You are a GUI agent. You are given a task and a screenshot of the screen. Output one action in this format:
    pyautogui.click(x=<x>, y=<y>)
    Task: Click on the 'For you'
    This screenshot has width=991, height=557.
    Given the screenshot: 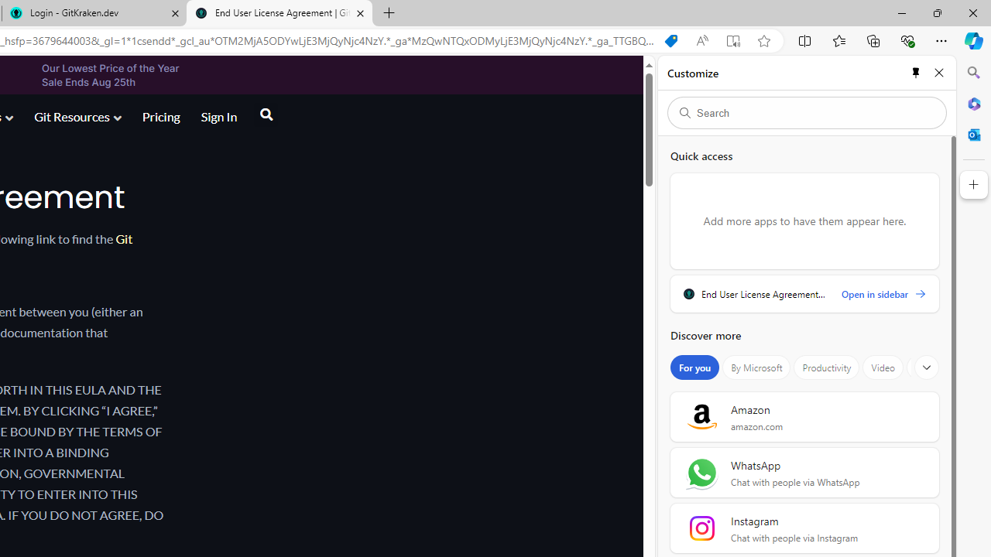 What is the action you would take?
    pyautogui.click(x=694, y=367)
    